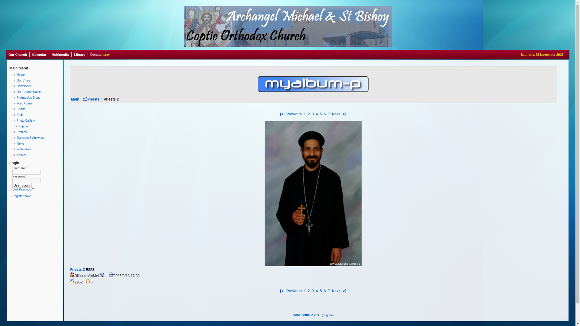  Describe the element at coordinates (39, 55) in the screenshot. I see `'Calendar'` at that location.